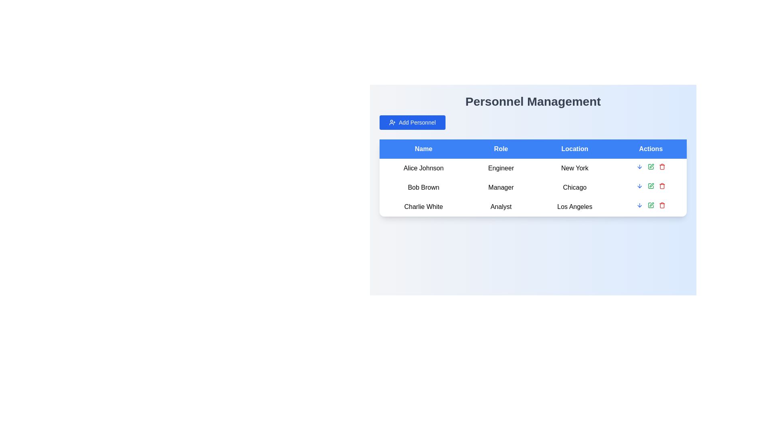 Image resolution: width=772 pixels, height=434 pixels. I want to click on the text field displaying 'New York' in the third column of the first row of the table, so click(574, 168).